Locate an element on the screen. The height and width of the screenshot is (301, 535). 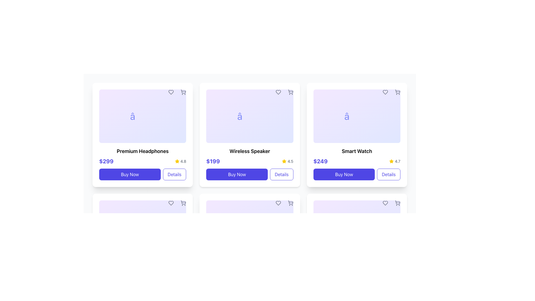
the favorite or like button associated with the 'Premium Headphones' product, located in the top-right corner of the bottom-left product card is located at coordinates (171, 203).